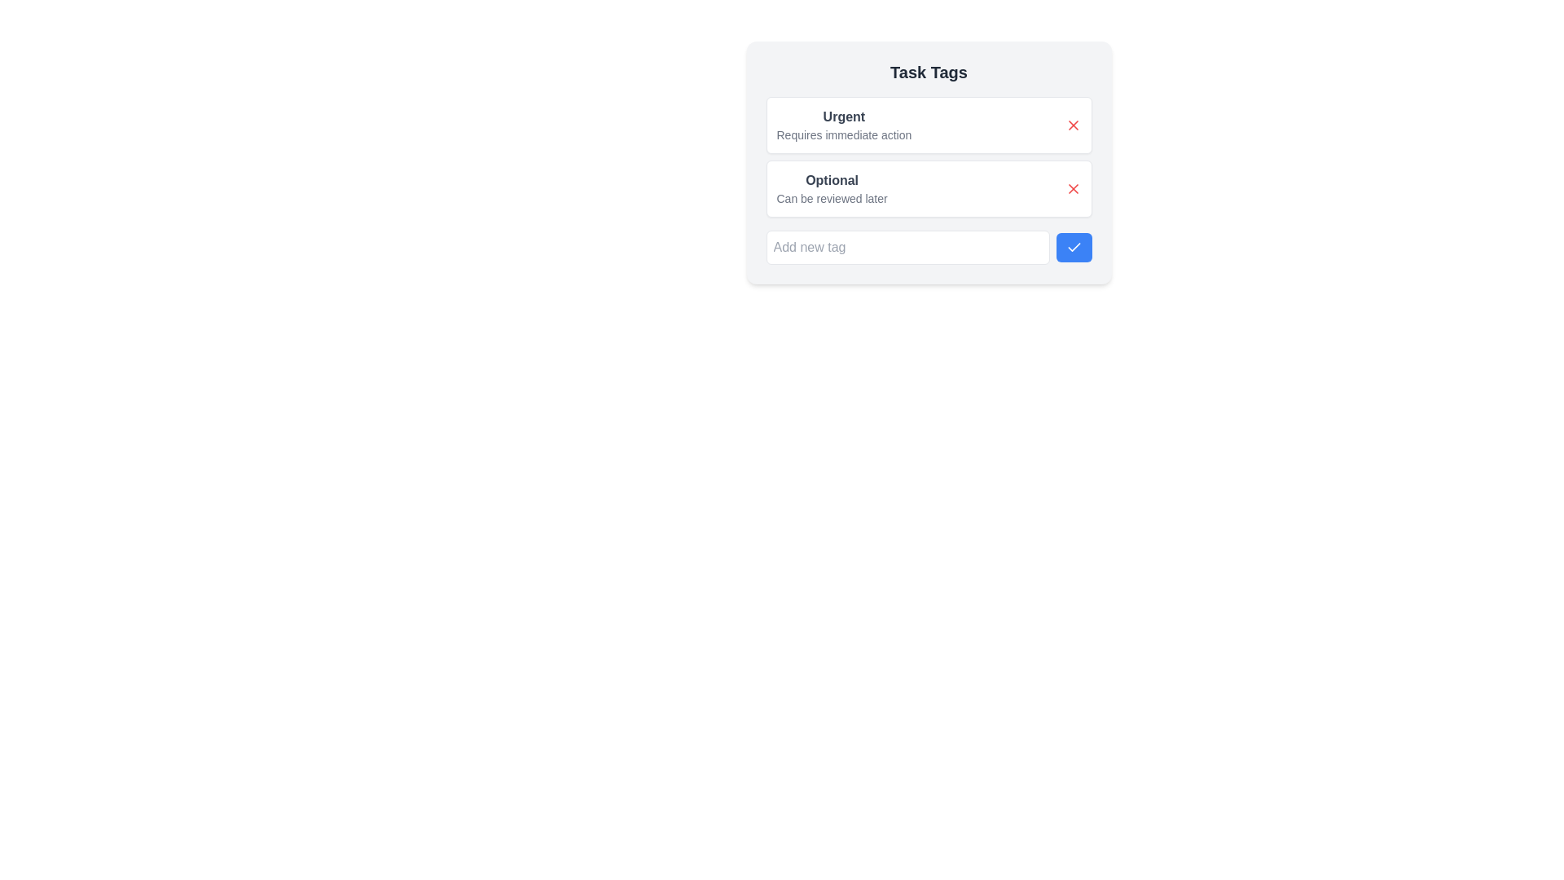 Image resolution: width=1564 pixels, height=880 pixels. I want to click on the small red close button located to the right of the 'Optional' label within the task tags list, so click(1073, 187).